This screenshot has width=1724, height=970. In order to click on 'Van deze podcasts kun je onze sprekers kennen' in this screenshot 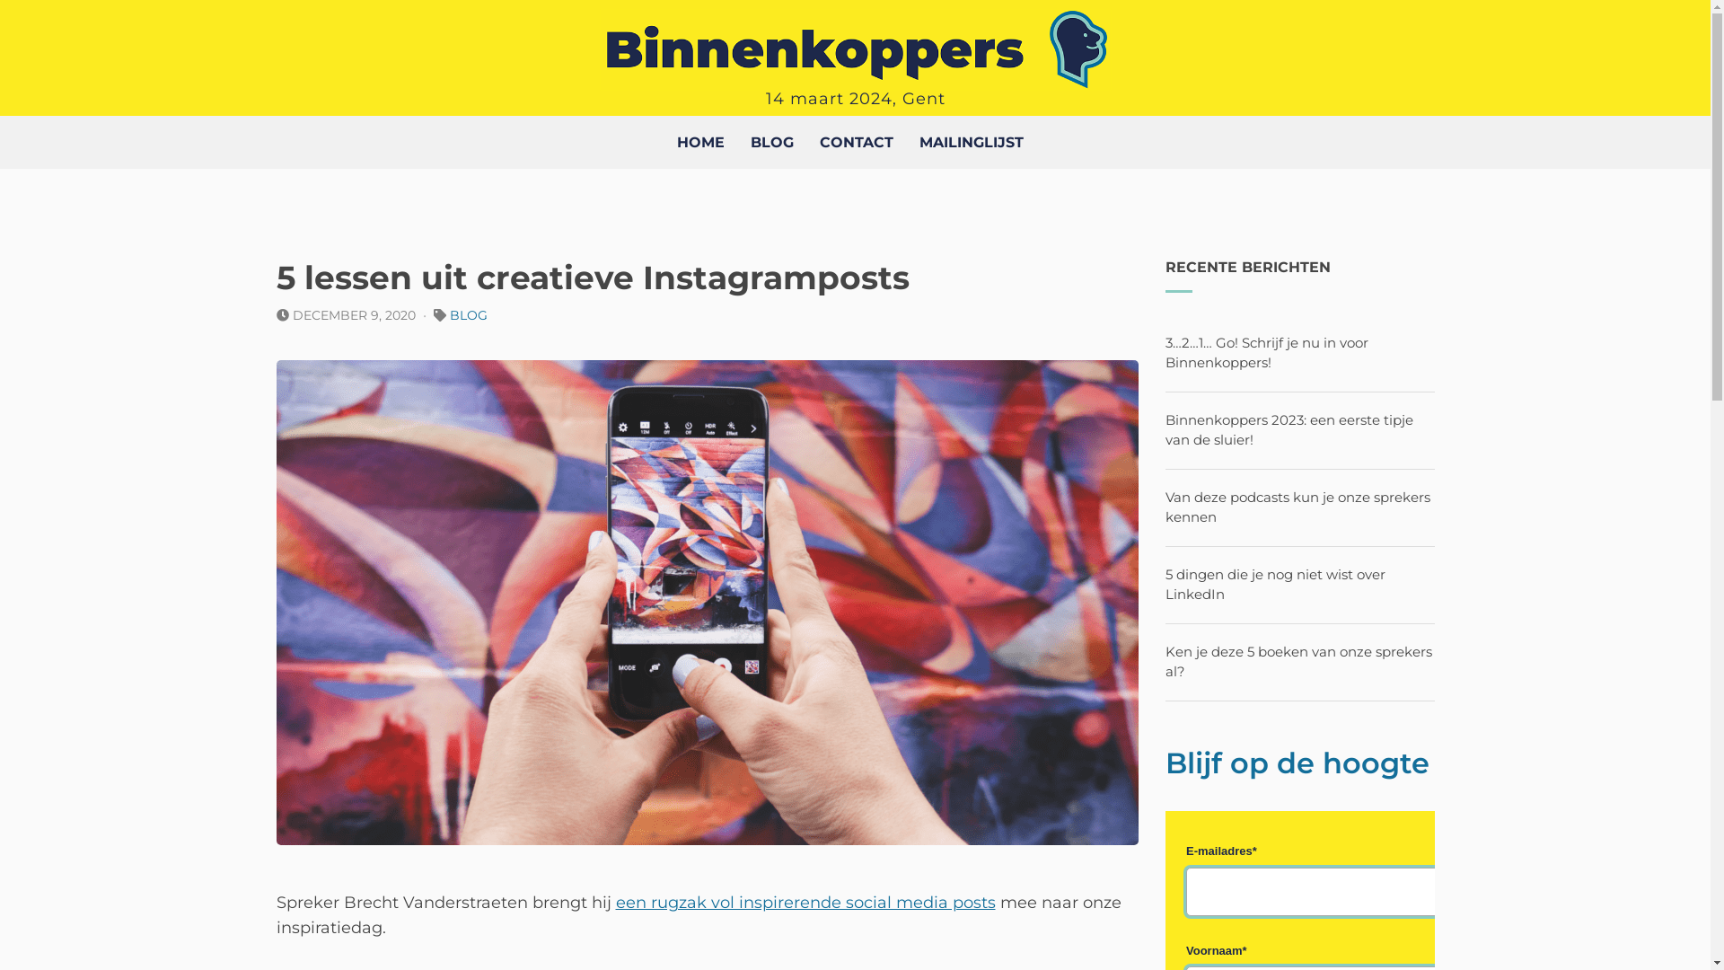, I will do `click(1297, 507)`.